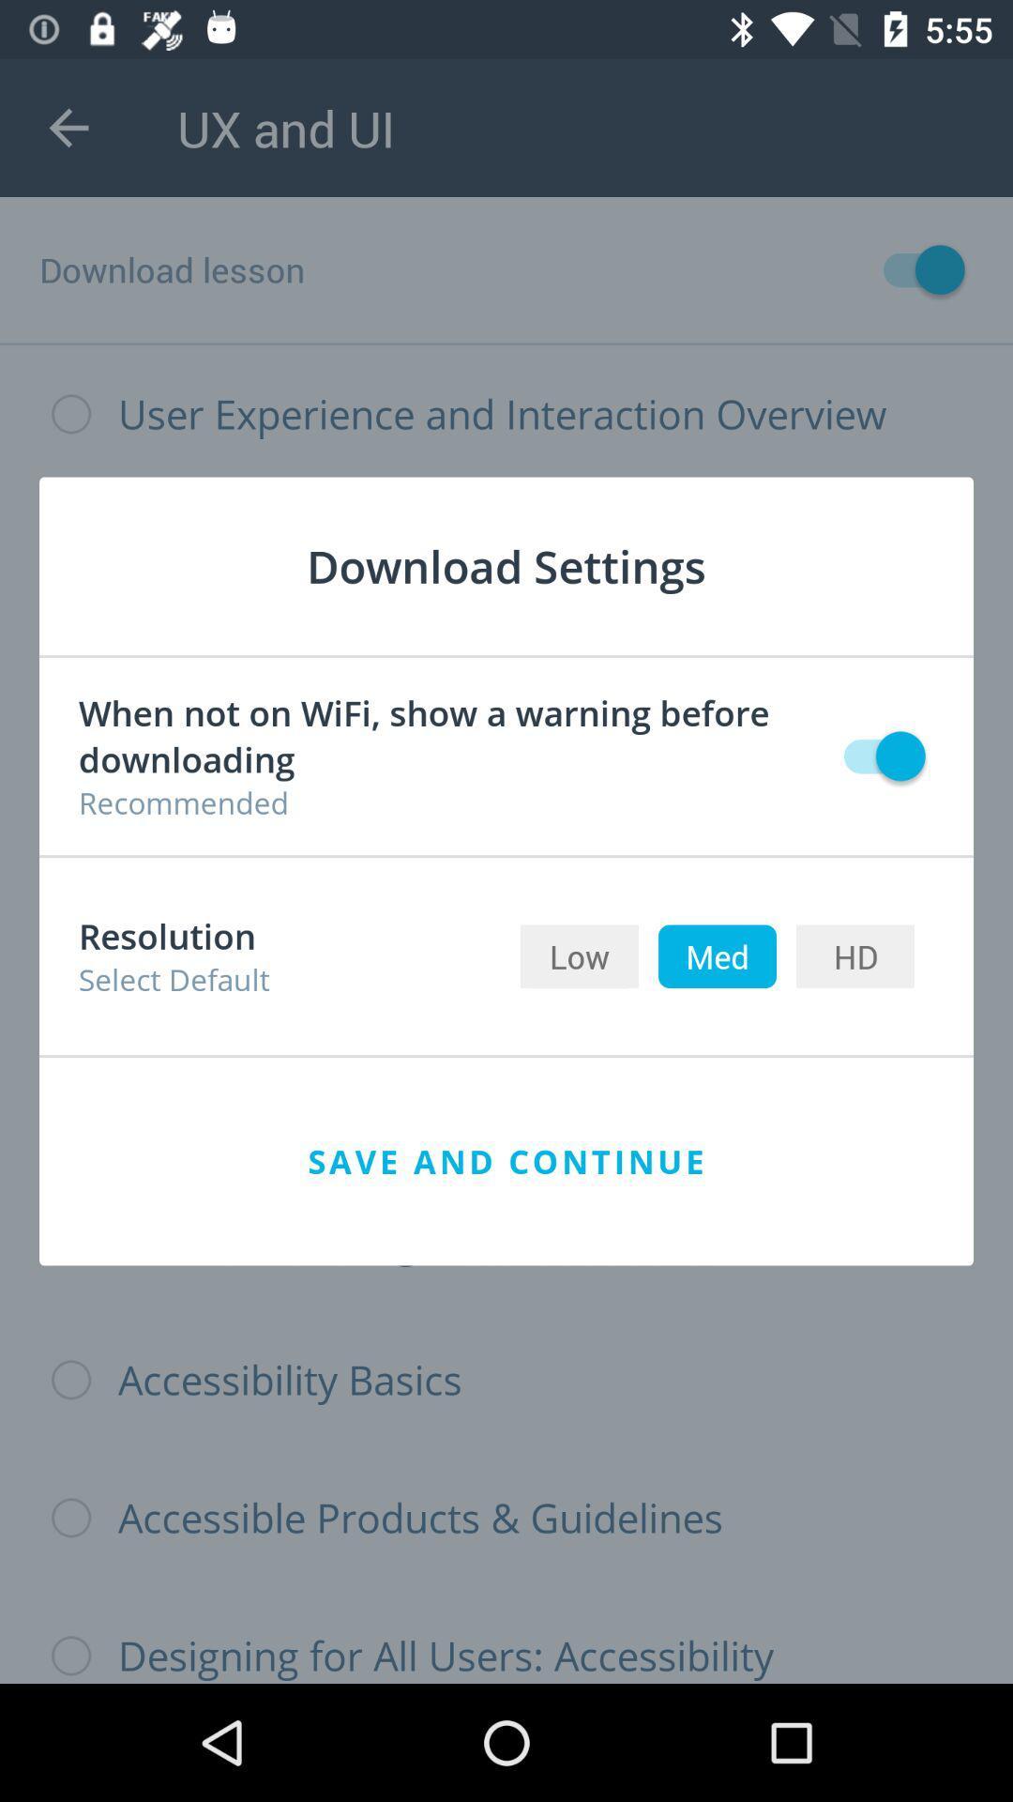 The image size is (1013, 1802). I want to click on wifi warning, so click(875, 756).